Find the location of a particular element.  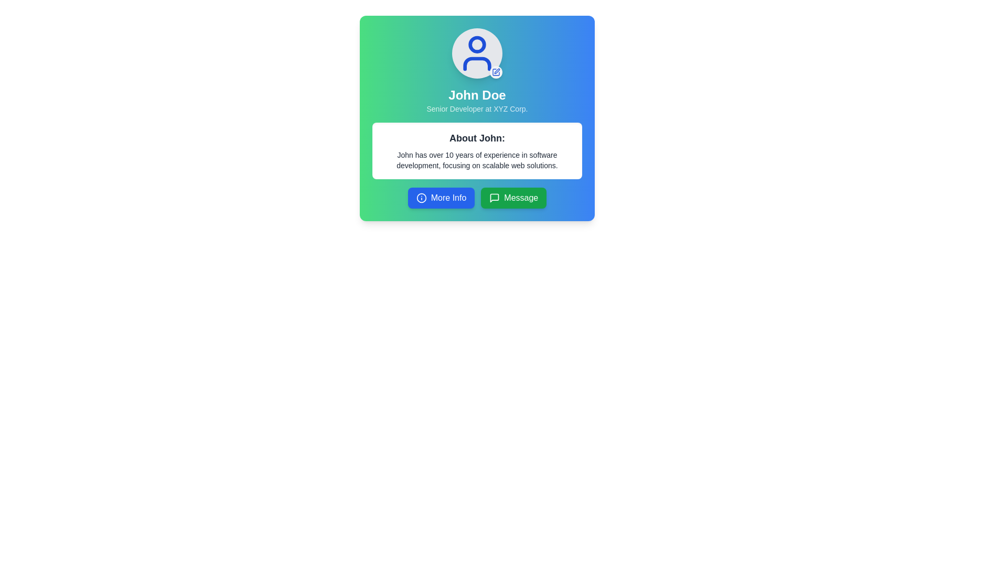

the user icon which is styled in blue and located at the top center of the profile card is located at coordinates (477, 53).